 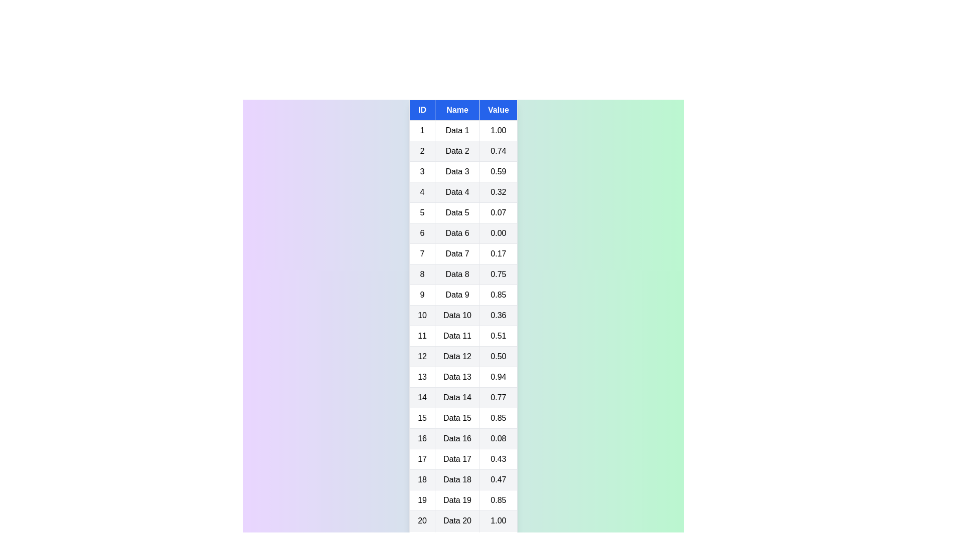 I want to click on the table header ID to sort the table, so click(x=422, y=110).